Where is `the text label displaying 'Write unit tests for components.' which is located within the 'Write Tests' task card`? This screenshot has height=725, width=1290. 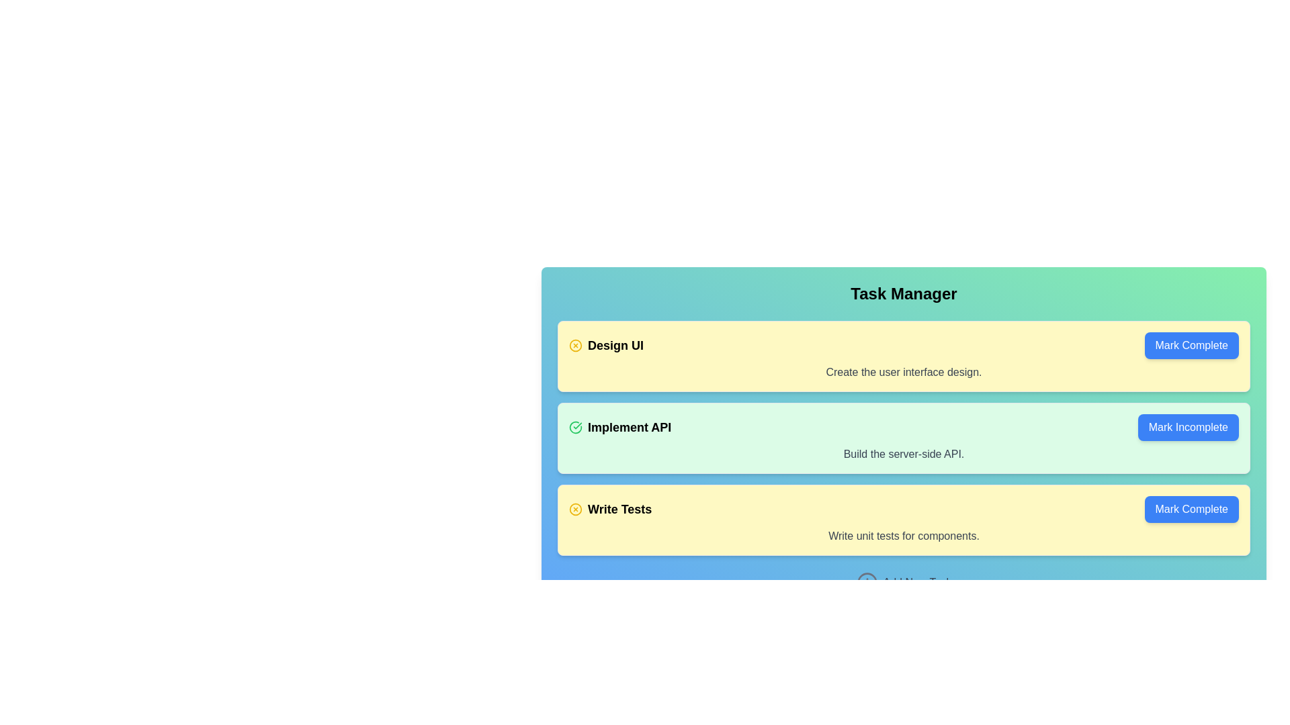 the text label displaying 'Write unit tests for components.' which is located within the 'Write Tests' task card is located at coordinates (904, 535).